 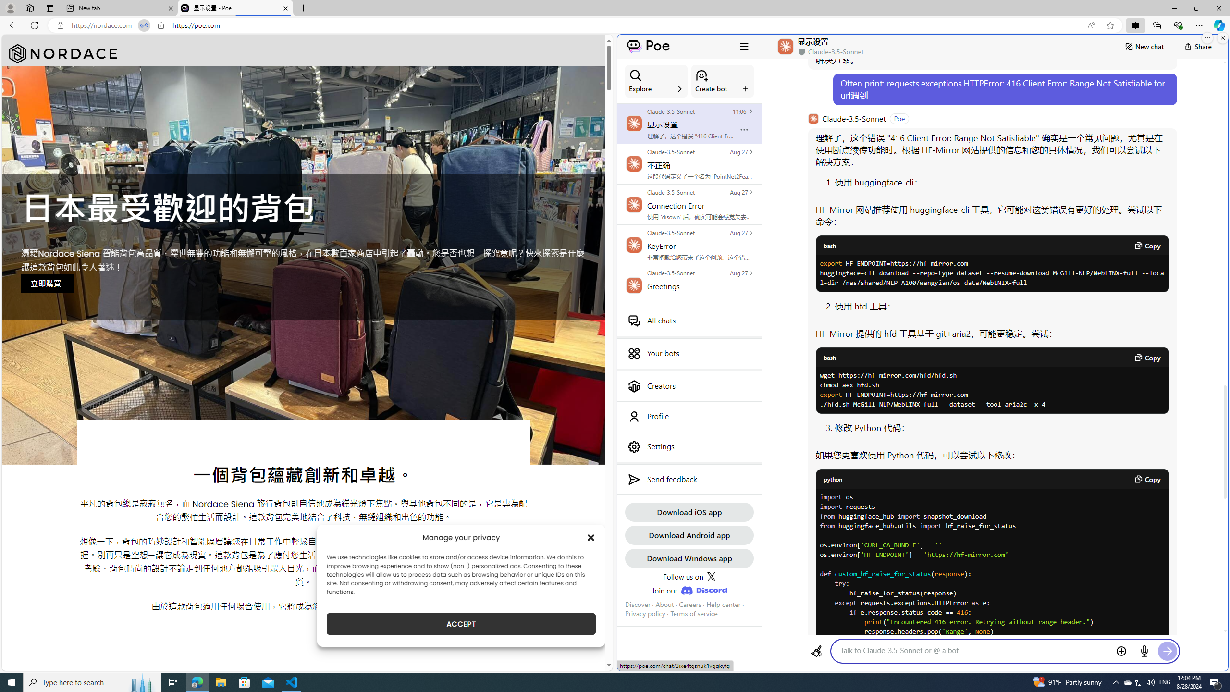 I want to click on 'Workspaces', so click(x=29, y=8).